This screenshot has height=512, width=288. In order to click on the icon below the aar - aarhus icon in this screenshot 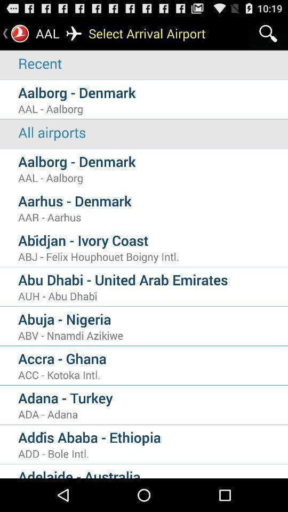, I will do `click(153, 240)`.